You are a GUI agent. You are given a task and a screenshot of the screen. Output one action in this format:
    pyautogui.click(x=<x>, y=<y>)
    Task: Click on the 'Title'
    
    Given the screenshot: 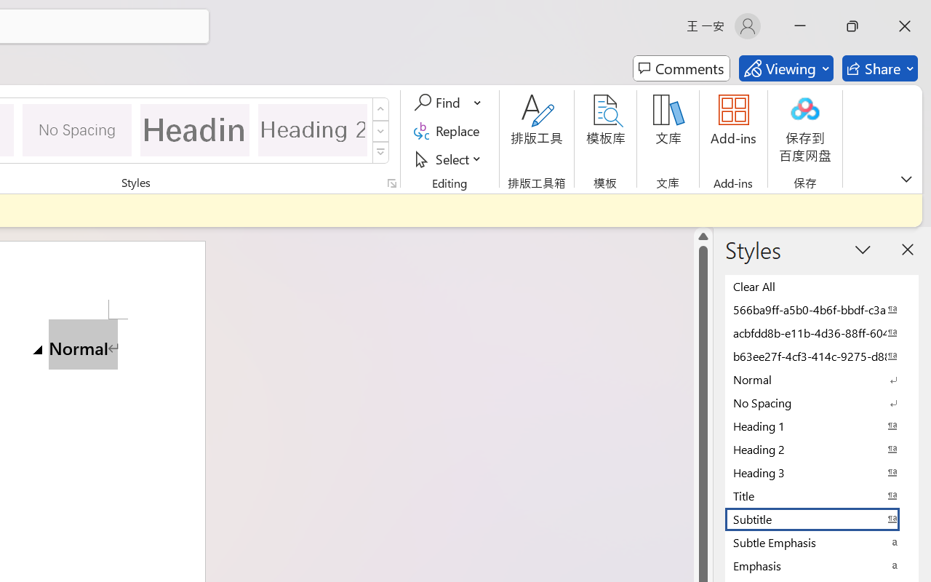 What is the action you would take?
    pyautogui.click(x=822, y=495)
    